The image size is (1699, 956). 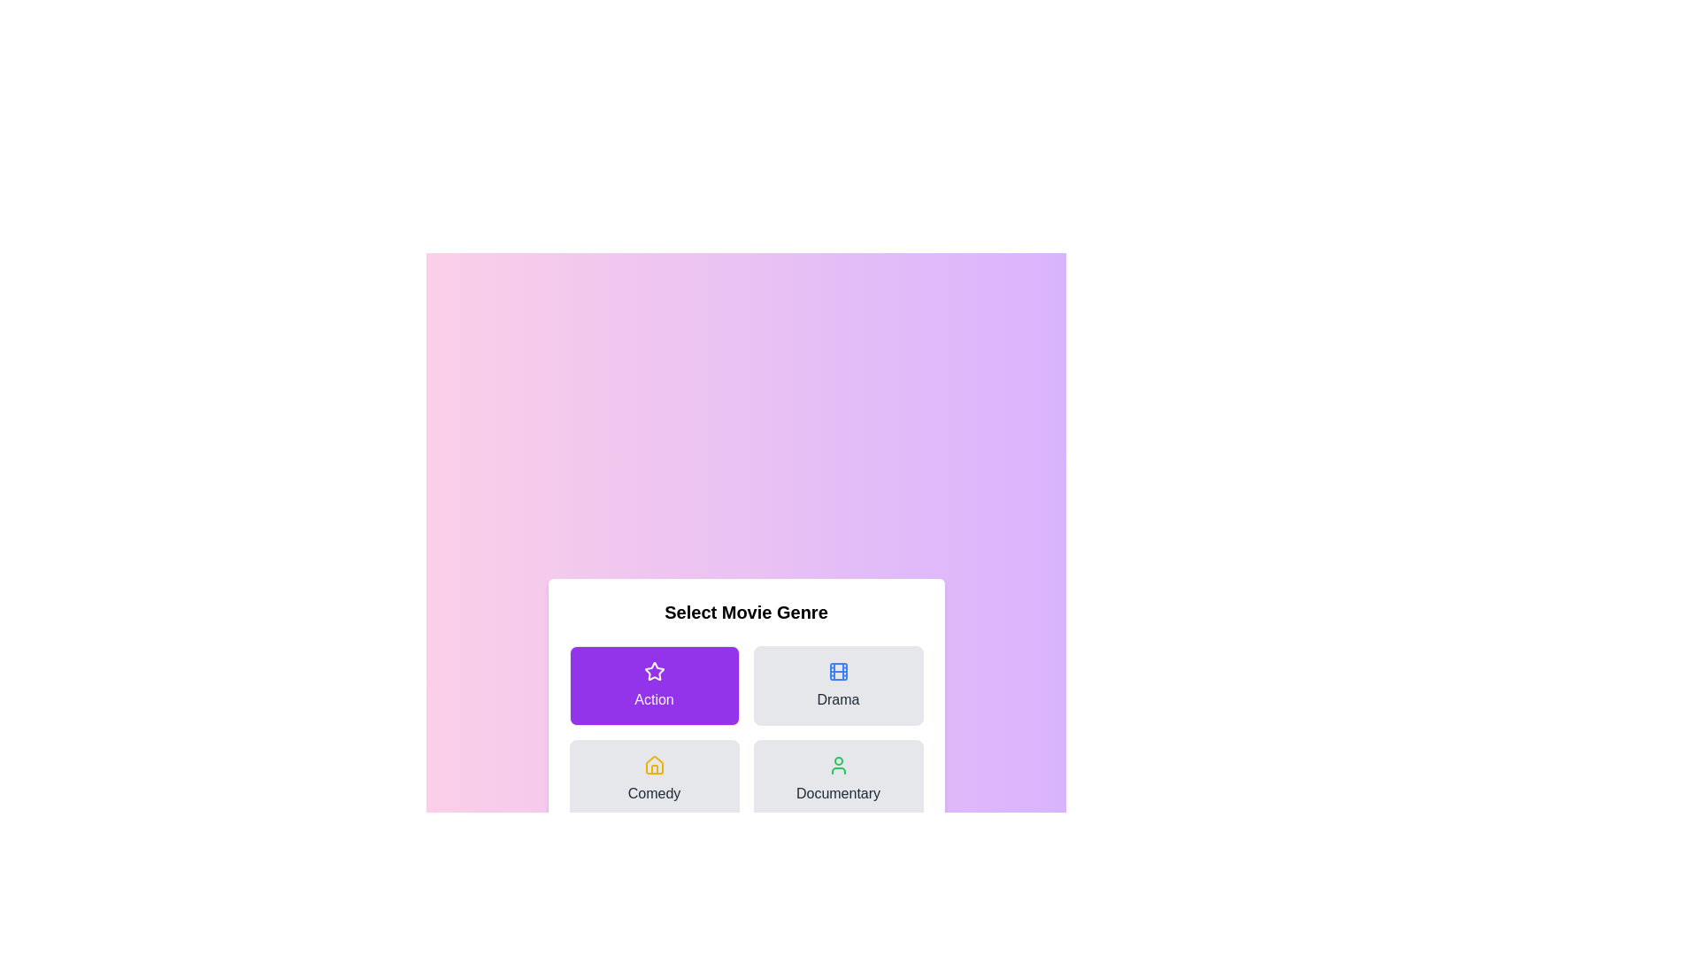 What do you see at coordinates (653, 778) in the screenshot?
I see `the button representing the genre Comedy` at bounding box center [653, 778].